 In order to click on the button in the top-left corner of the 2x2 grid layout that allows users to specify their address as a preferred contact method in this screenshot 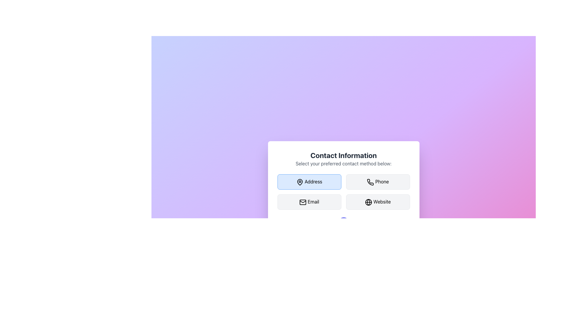, I will do `click(309, 182)`.